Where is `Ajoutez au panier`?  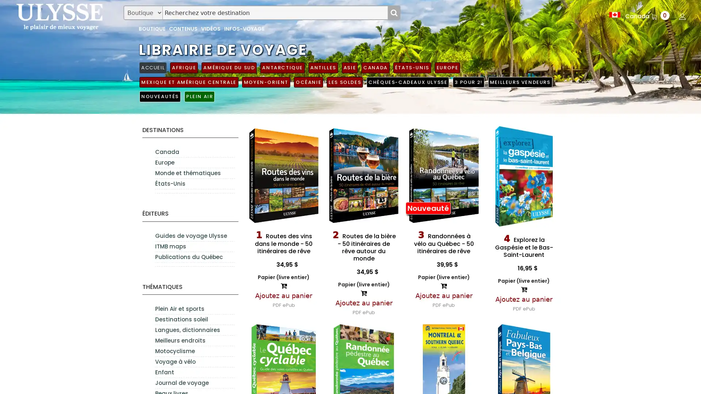
Ajoutez au panier is located at coordinates (524, 299).